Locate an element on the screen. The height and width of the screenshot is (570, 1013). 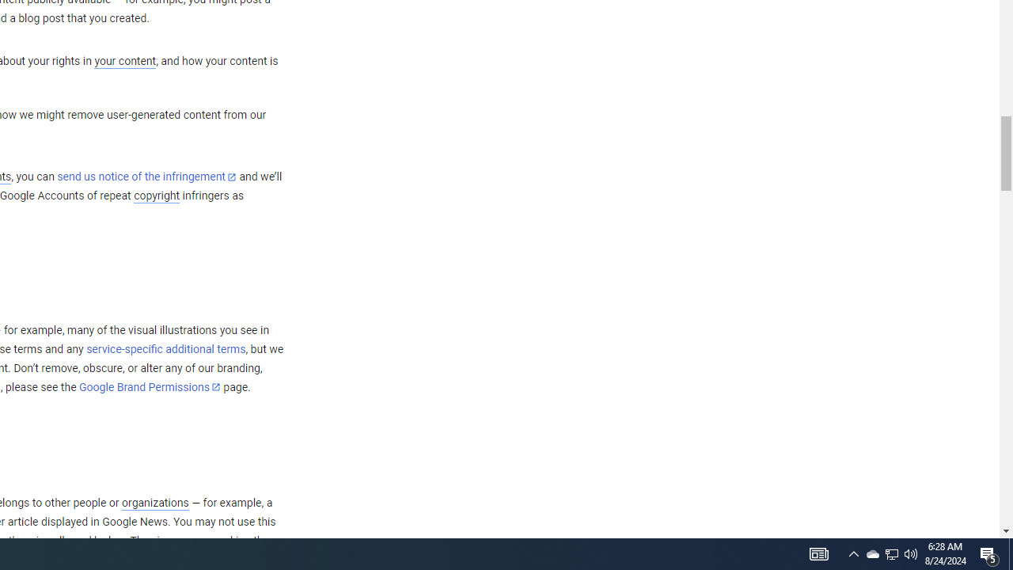
'copyright' is located at coordinates (157, 196).